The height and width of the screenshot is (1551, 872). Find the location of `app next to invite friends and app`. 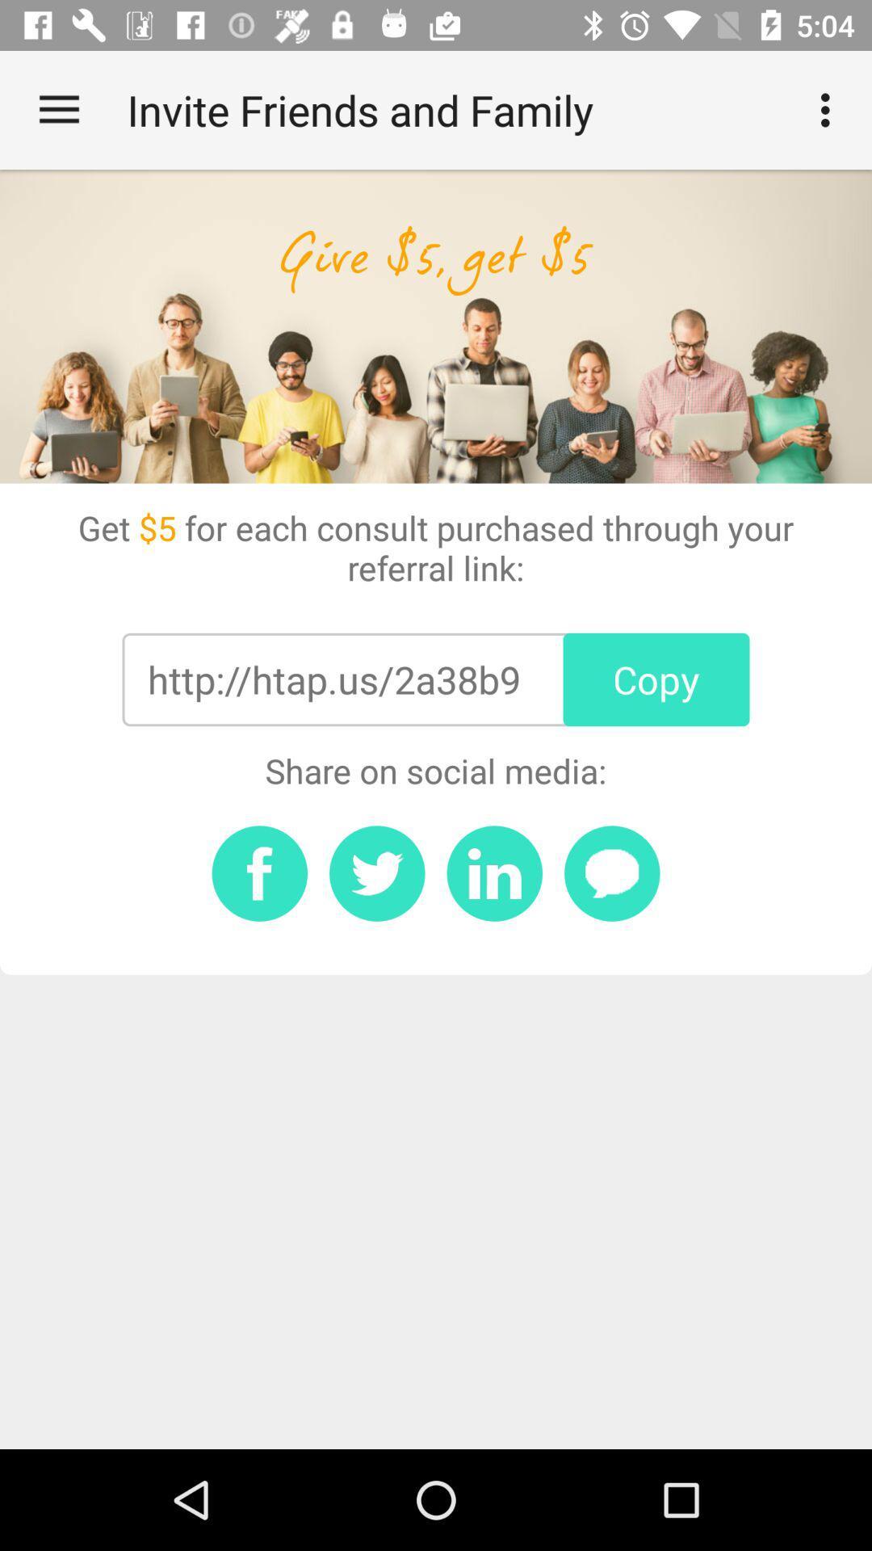

app next to invite friends and app is located at coordinates (58, 109).